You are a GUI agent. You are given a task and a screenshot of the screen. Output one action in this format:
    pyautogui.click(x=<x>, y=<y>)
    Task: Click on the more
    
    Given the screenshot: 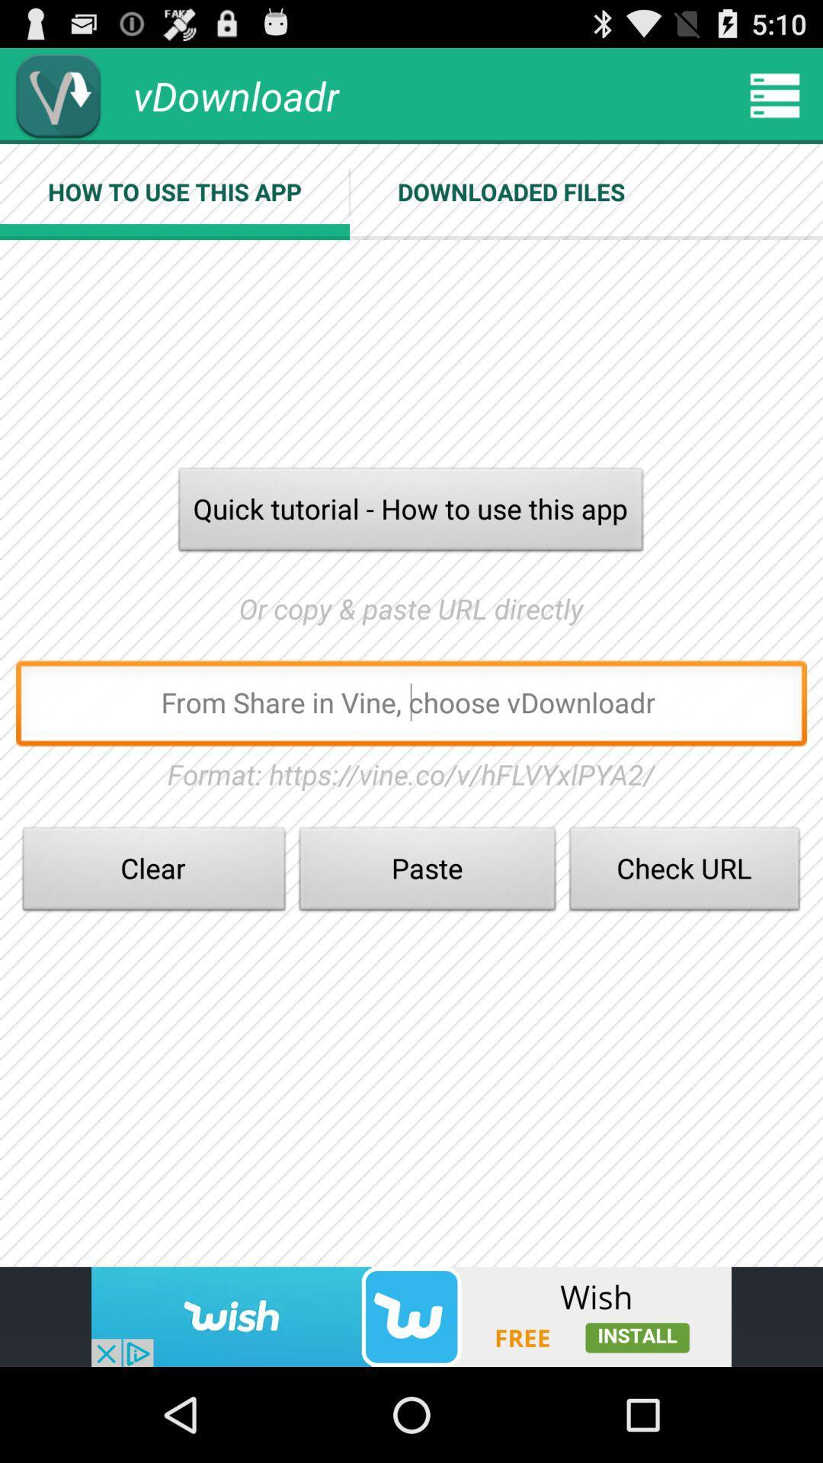 What is the action you would take?
    pyautogui.click(x=775, y=94)
    